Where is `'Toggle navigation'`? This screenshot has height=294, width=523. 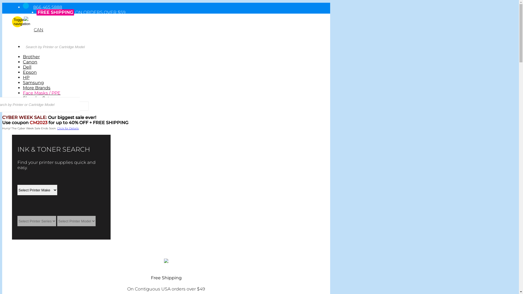 'Toggle navigation' is located at coordinates (17, 22).